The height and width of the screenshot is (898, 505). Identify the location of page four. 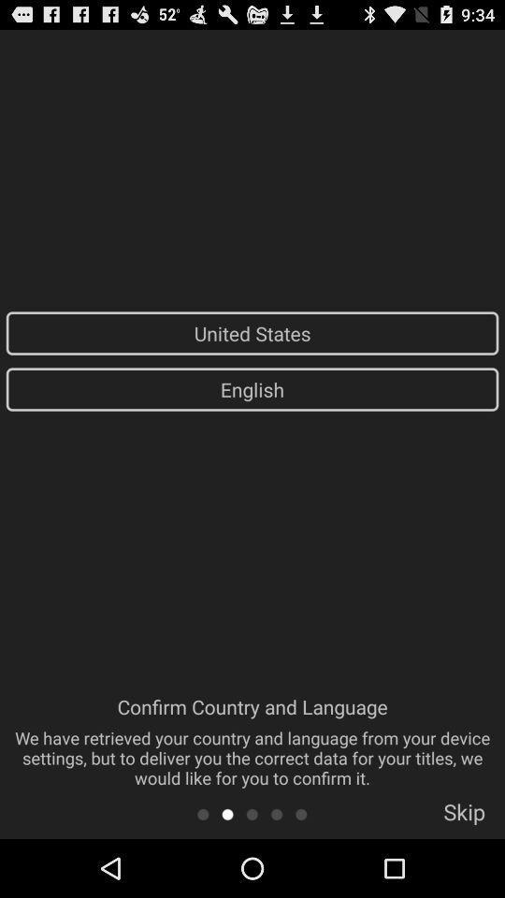
(276, 813).